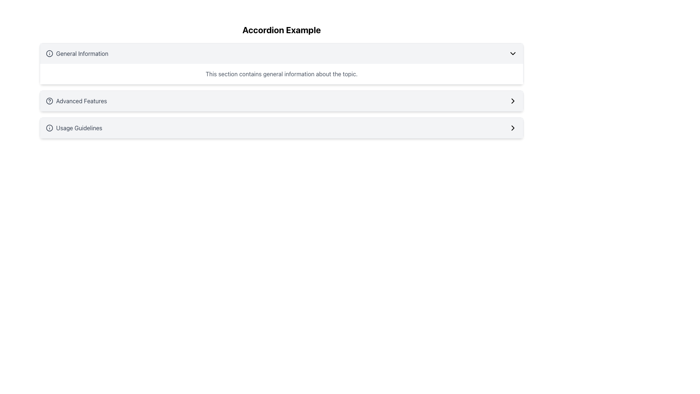  I want to click on the right-pointing chevron icon next to the 'Advanced Features' section title, so click(512, 101).